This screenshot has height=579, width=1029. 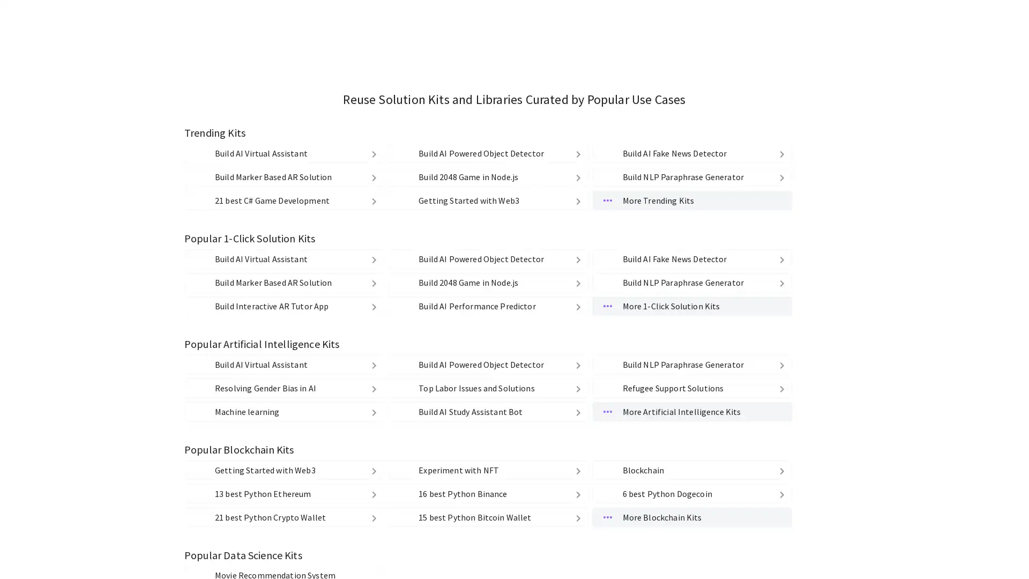 What do you see at coordinates (374, 447) in the screenshot?
I see `delete` at bounding box center [374, 447].